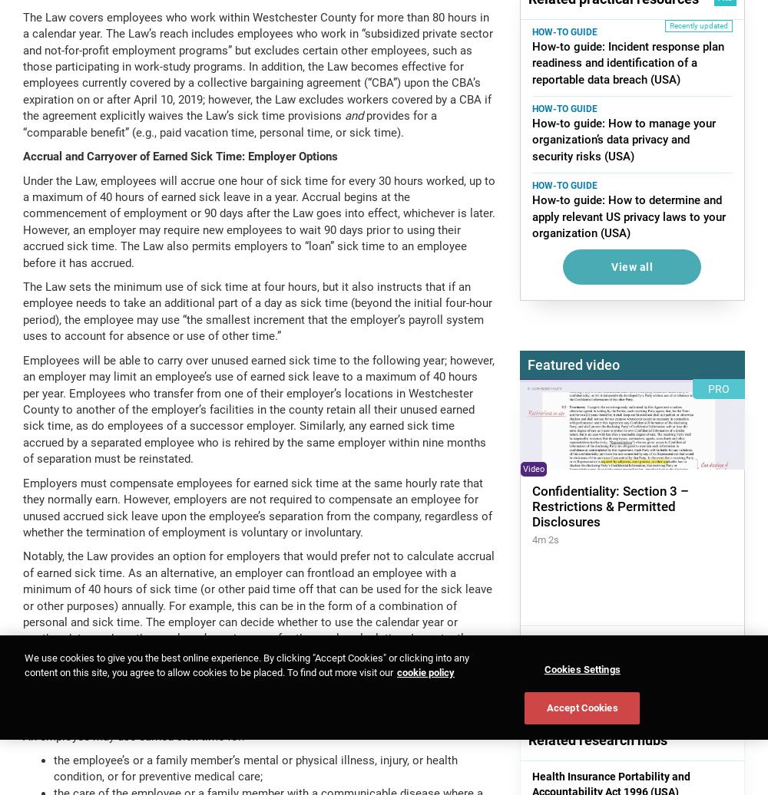 The height and width of the screenshot is (795, 768). Describe the element at coordinates (344, 116) in the screenshot. I see `'and'` at that location.